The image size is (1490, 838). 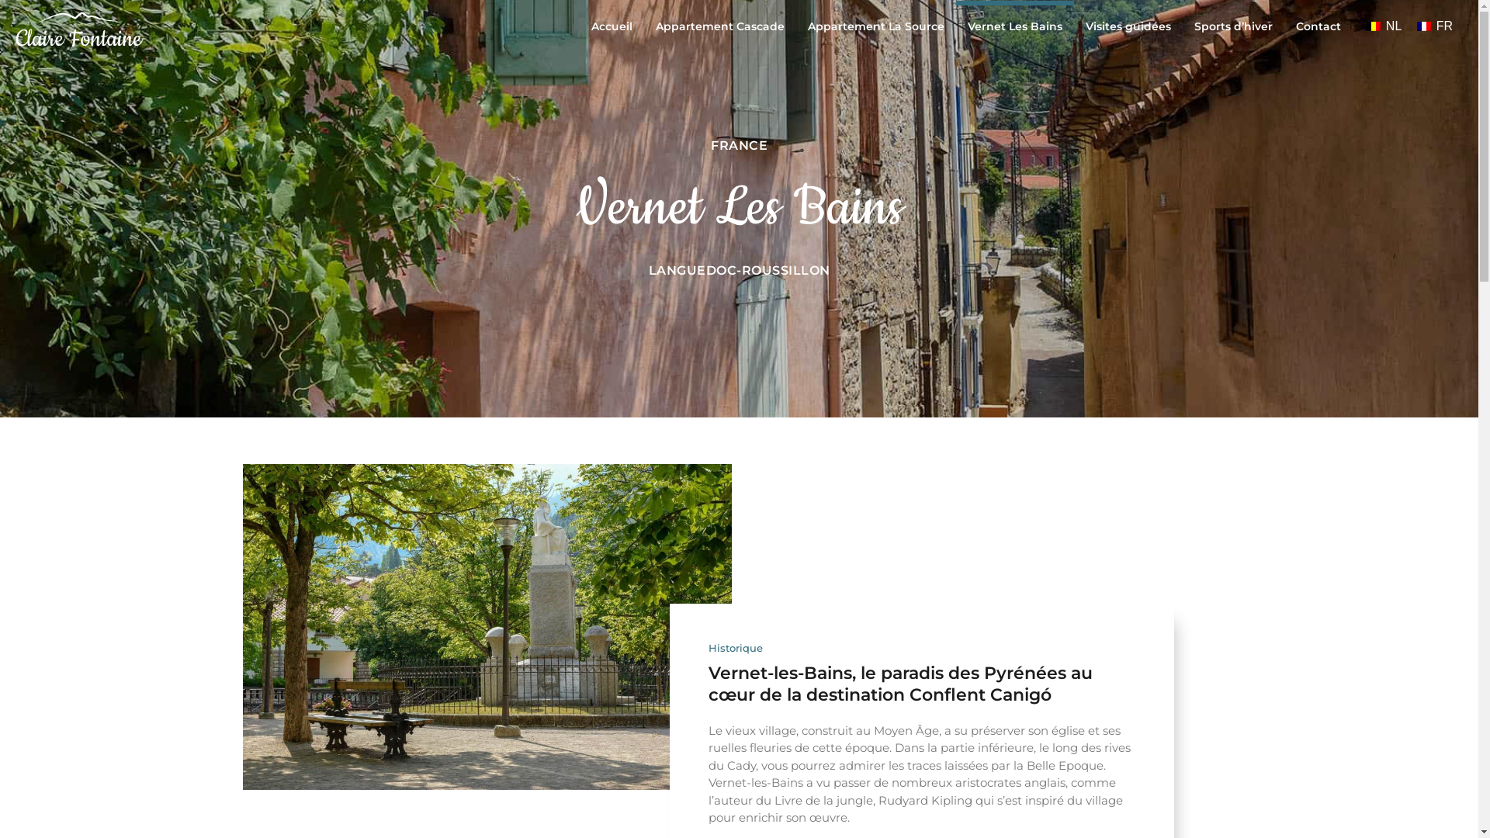 What do you see at coordinates (1318, 26) in the screenshot?
I see `'Contact'` at bounding box center [1318, 26].